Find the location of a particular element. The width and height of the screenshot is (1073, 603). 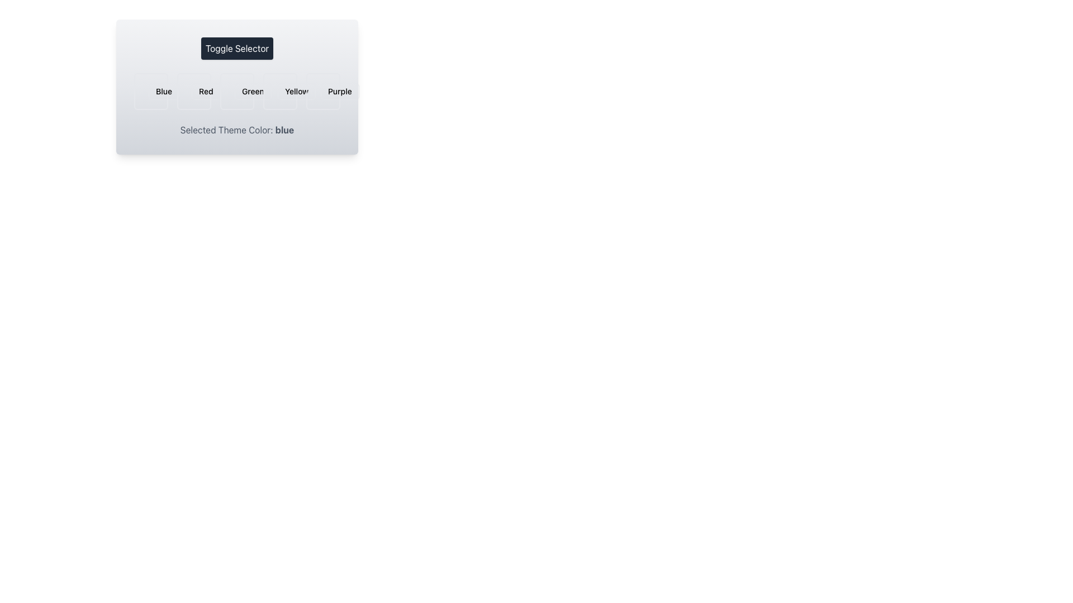

the 'yellow' button, which is a rectangular button with rounded corners, light yellow background, and black text is located at coordinates (297, 91).